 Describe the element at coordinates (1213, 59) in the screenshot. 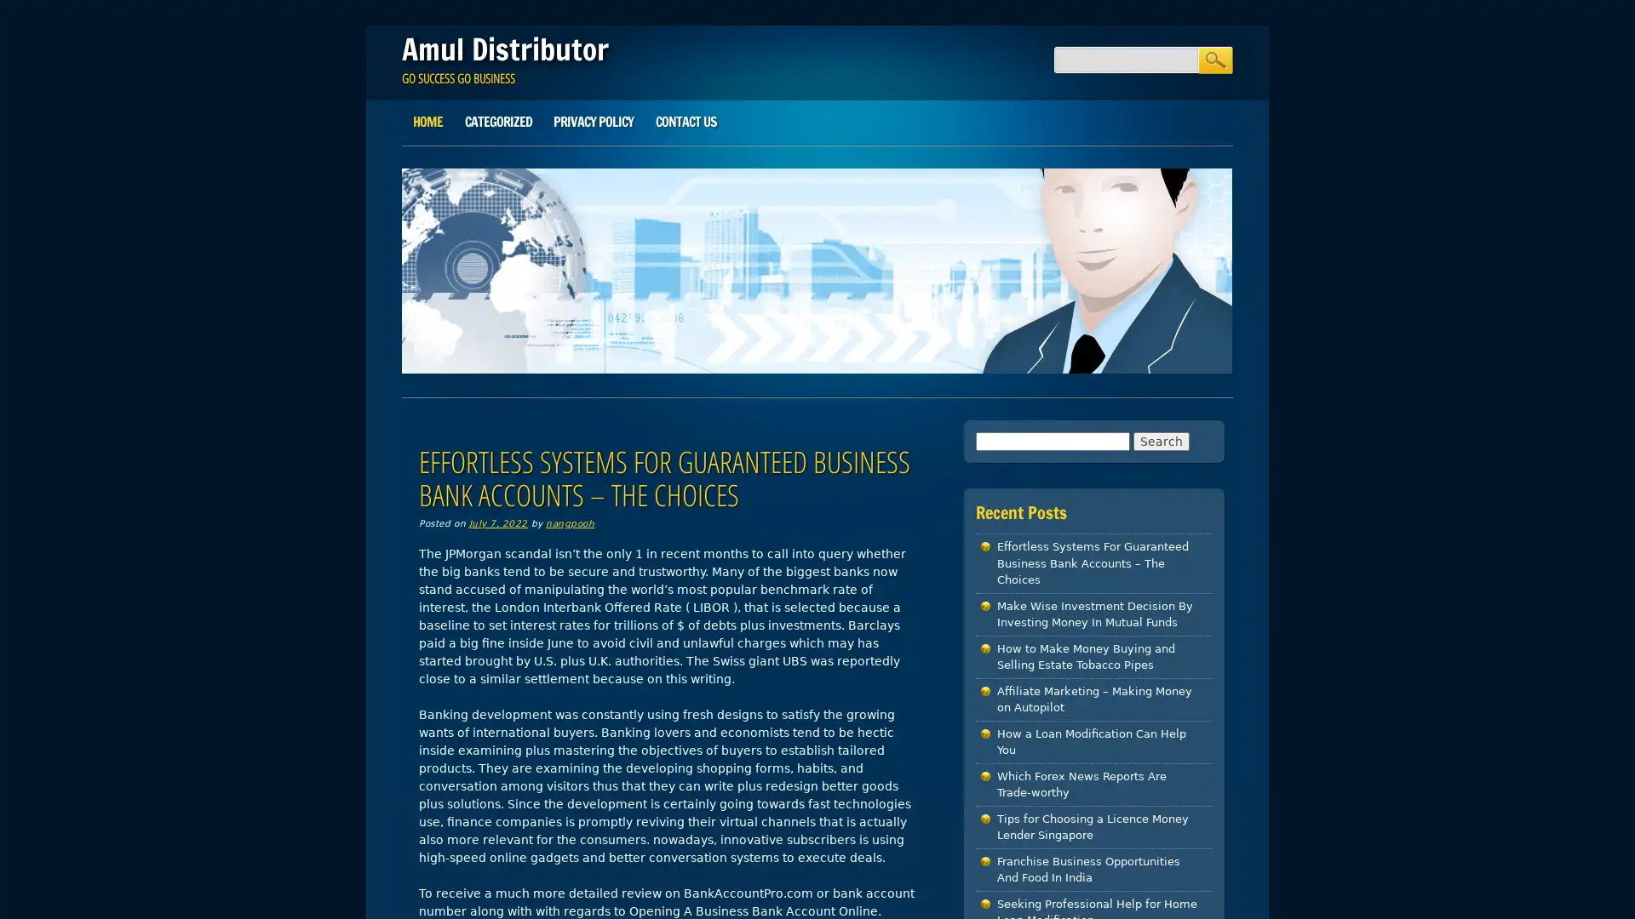

I see `Search` at that location.